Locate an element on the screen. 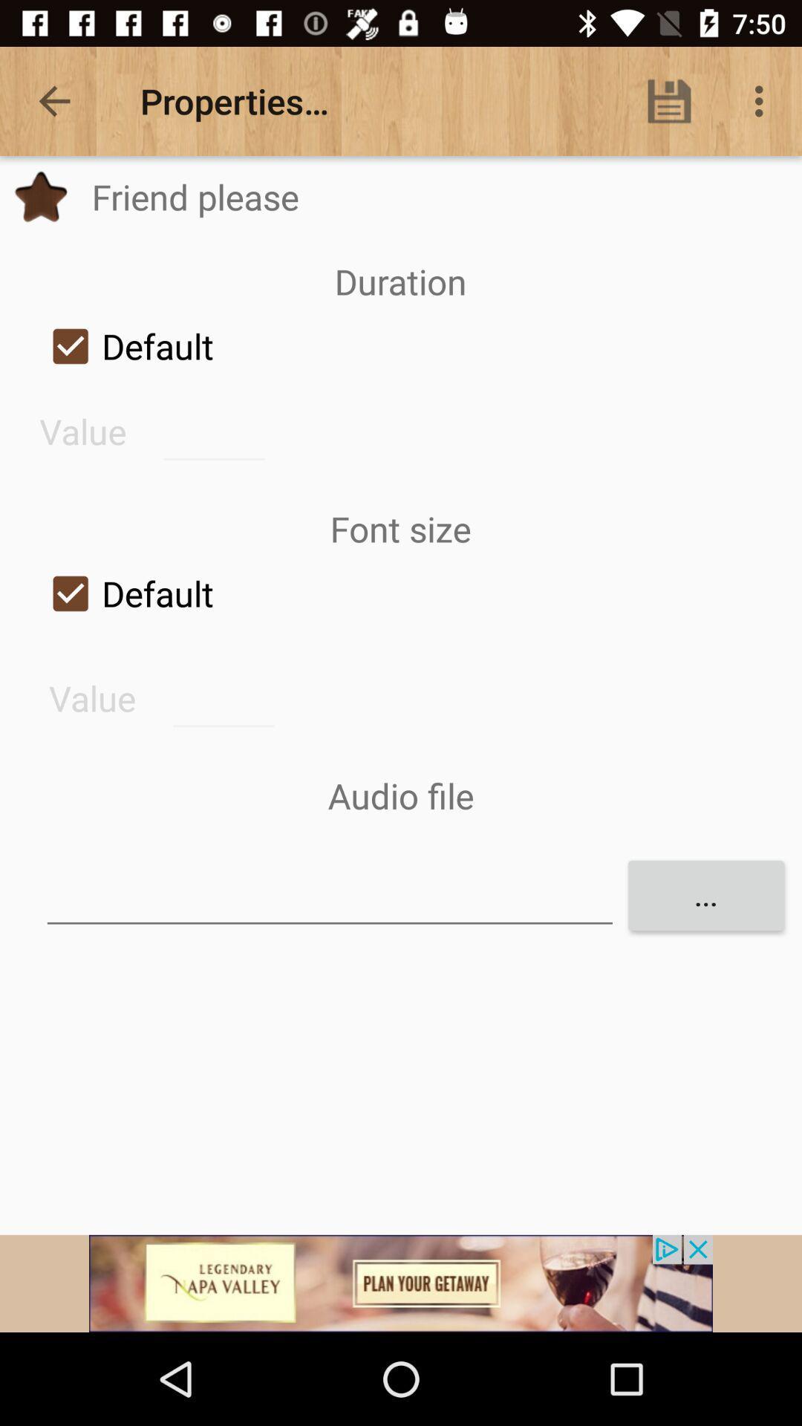 The image size is (802, 1426). the star icon is located at coordinates (40, 196).